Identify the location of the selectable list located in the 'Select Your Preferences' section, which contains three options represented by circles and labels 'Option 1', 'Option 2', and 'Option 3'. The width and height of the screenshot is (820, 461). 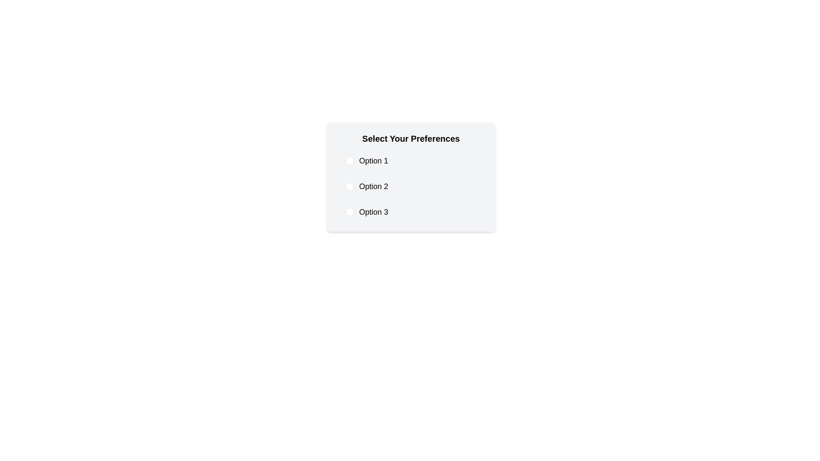
(411, 186).